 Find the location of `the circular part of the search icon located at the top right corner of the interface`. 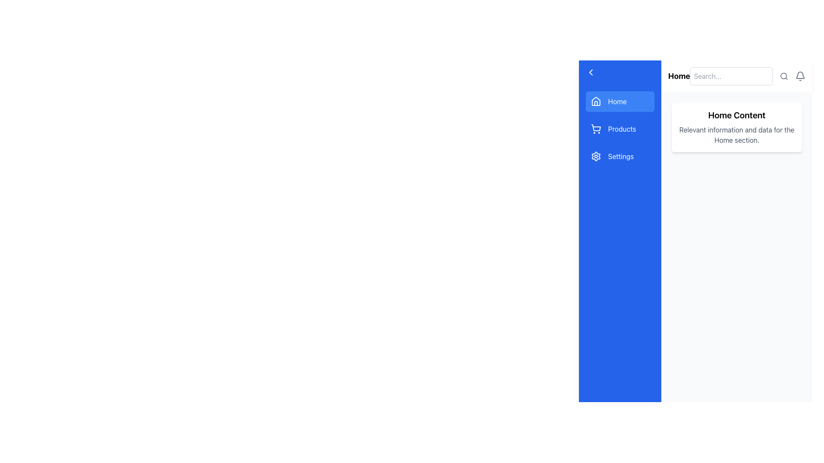

the circular part of the search icon located at the top right corner of the interface is located at coordinates (784, 75).